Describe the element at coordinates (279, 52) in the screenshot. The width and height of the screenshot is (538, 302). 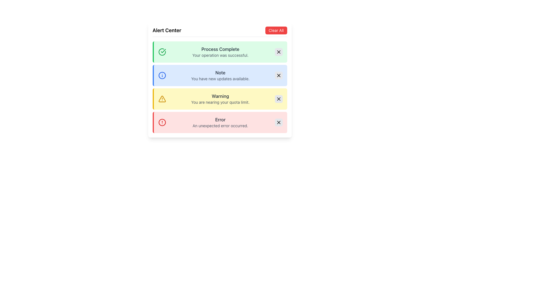
I see `the 'X' icon in the top-right corner of the 'Process Complete' notification block` at that location.